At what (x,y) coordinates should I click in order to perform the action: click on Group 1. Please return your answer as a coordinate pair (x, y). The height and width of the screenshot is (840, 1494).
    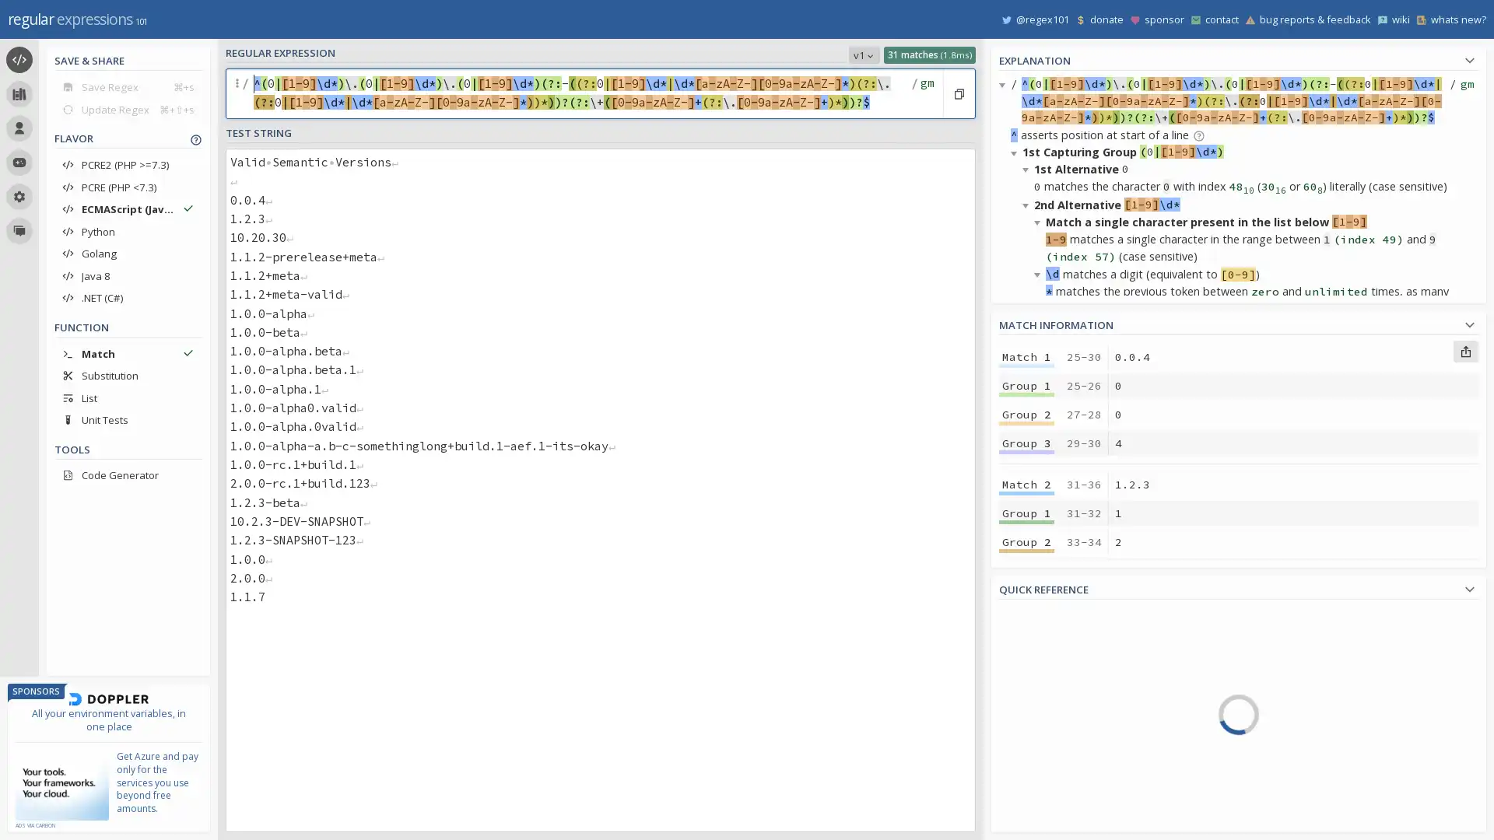
    Looking at the image, I should click on (1026, 767).